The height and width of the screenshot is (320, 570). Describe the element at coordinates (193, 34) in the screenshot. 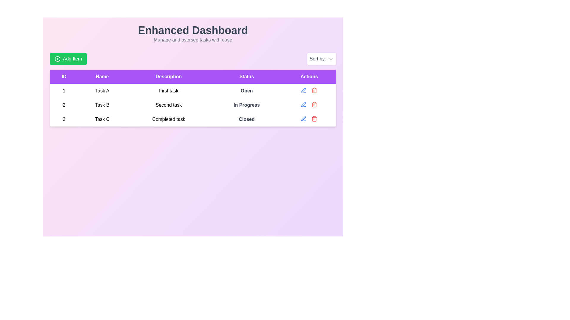

I see `the 'Enhanced Dashboard' header with subtitle, which features a large, bold title and a smaller subtitle, centered on a gradient background` at that location.